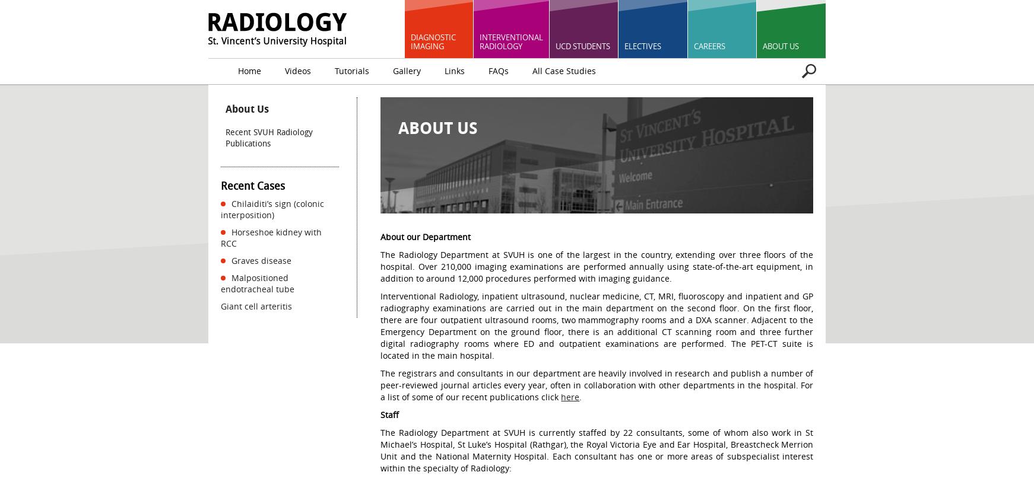 The width and height of the screenshot is (1034, 488). I want to click on 'The Radiology Department at SVUH is currently staffed by 22 consultants, some of whom also work in St Michael’s Hospital, St Luke’s Hospital (Rathgar), the Royal Victoria Eye and Ear Hospital, Breastcheck Merrion Unit and the National Maternity Hospital. Each consultant has one or more areas of subspecialist interest within the specialty of Radiology:', so click(596, 449).